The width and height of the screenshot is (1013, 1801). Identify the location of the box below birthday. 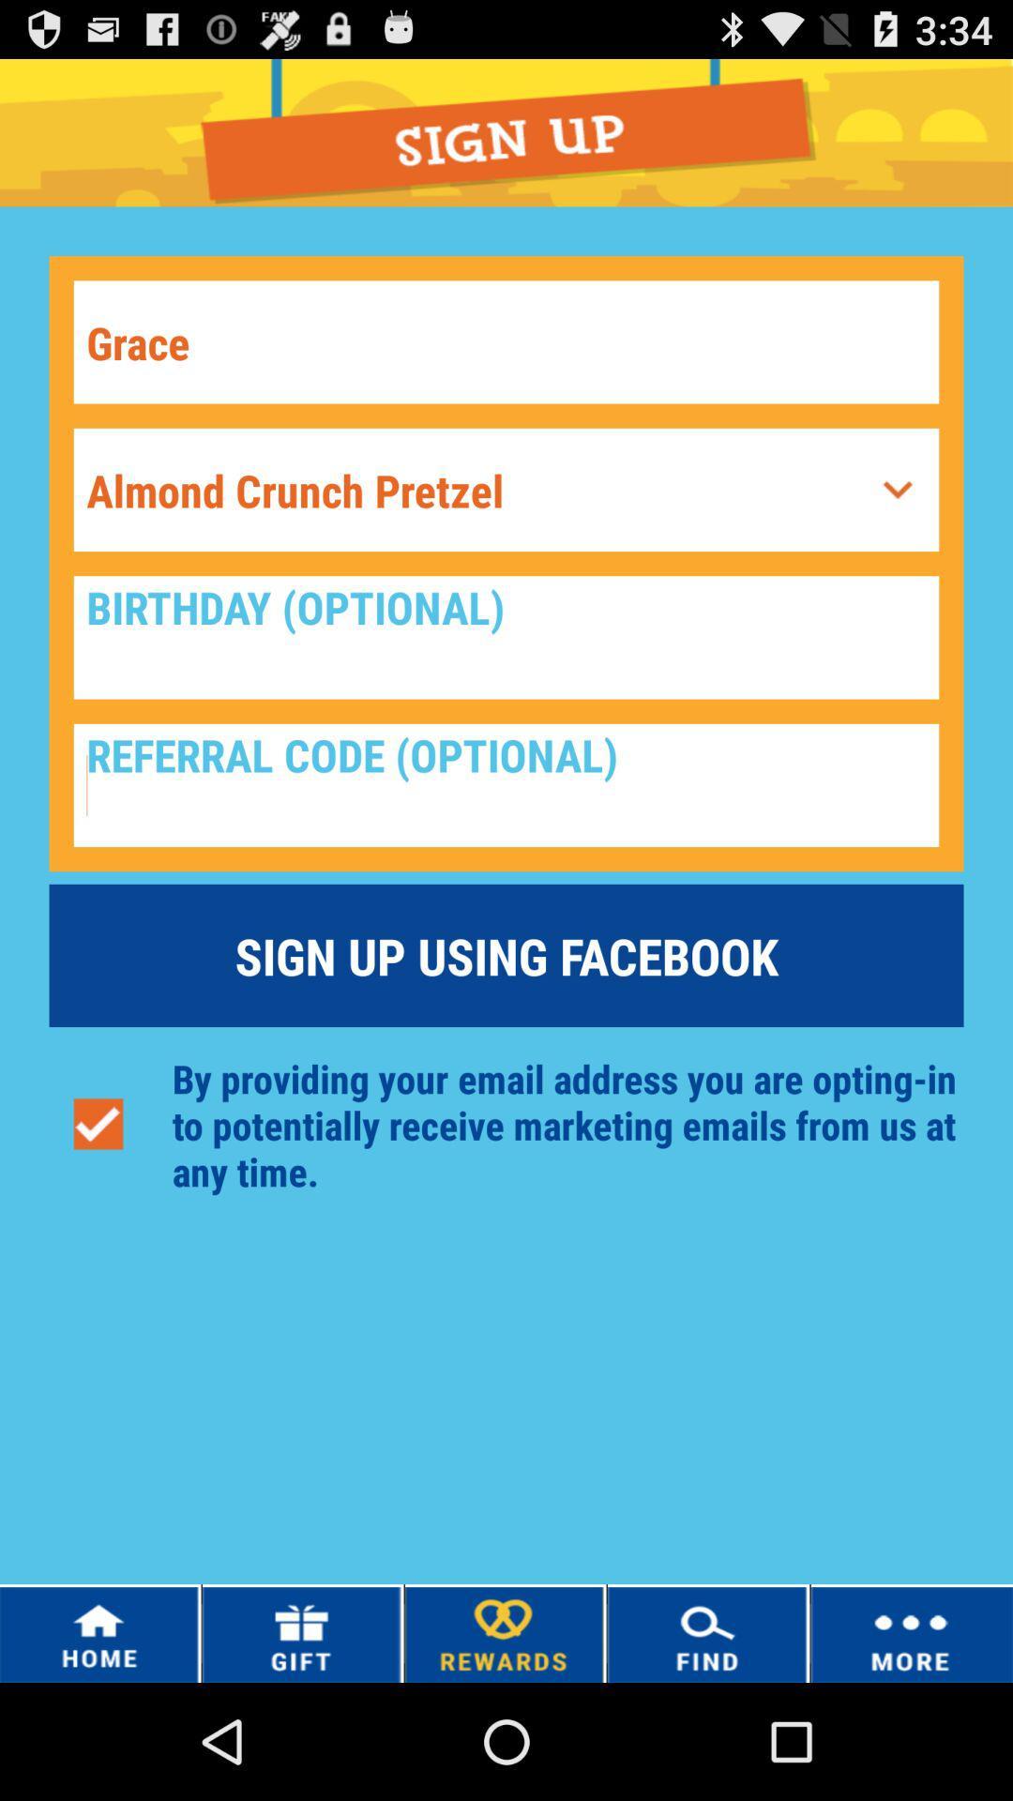
(506, 785).